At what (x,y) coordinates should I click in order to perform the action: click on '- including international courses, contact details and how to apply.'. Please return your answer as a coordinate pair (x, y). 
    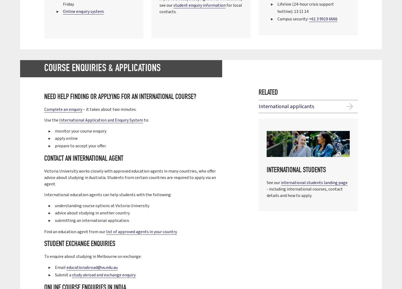
    Looking at the image, I should click on (305, 192).